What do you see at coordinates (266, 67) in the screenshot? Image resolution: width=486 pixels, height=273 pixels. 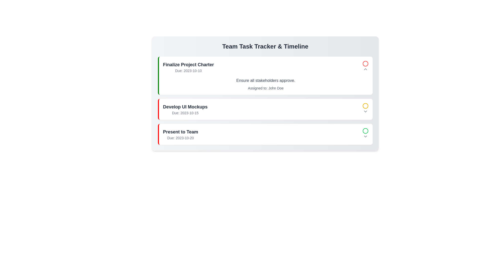 I see `the task titled 'Finalize Project Charter' with the deadline '2023-10-10'` at bounding box center [266, 67].